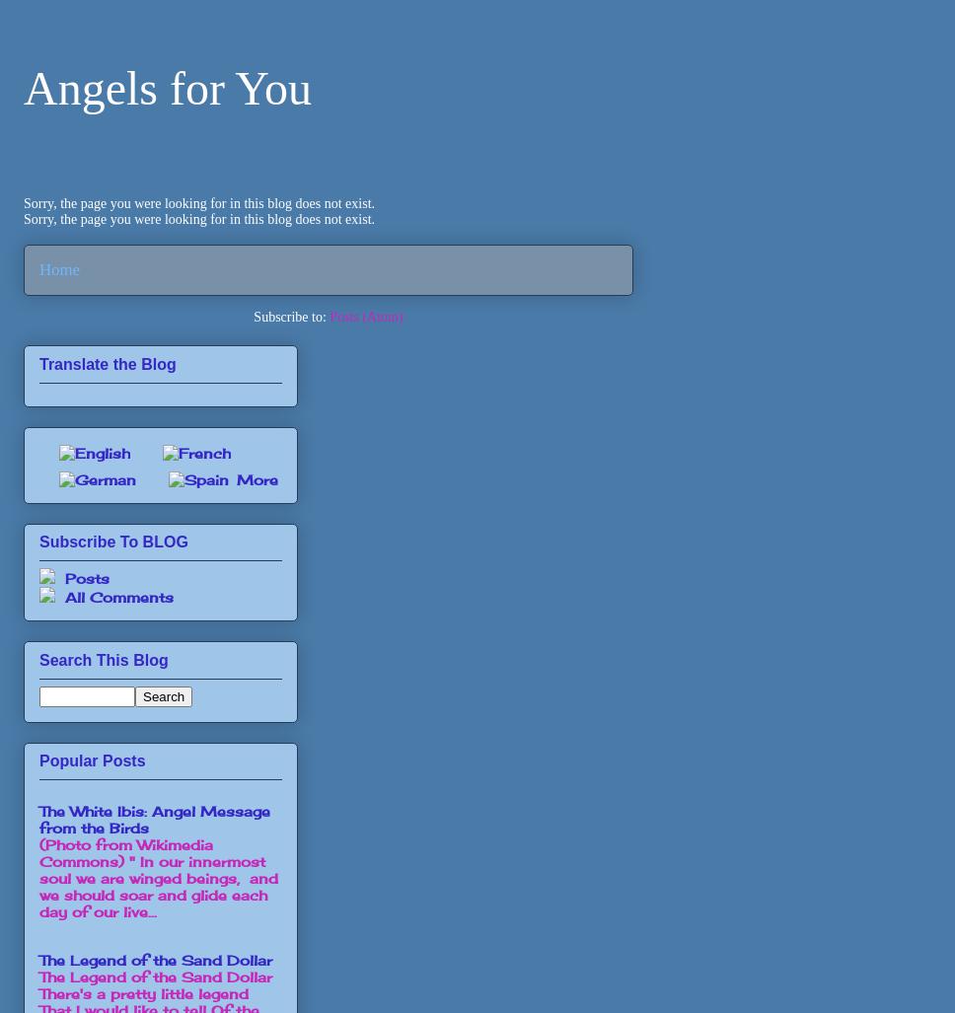  Describe the element at coordinates (257, 478) in the screenshot. I see `'More'` at that location.